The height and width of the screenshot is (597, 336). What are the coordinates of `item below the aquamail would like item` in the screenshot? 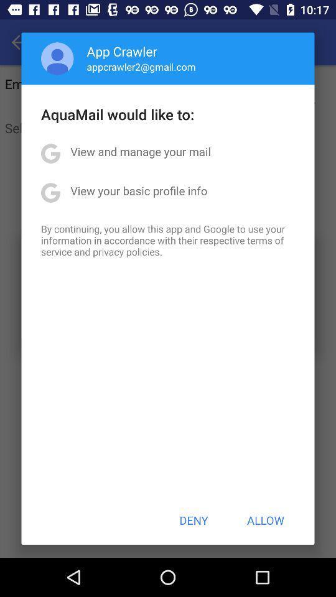 It's located at (140, 150).